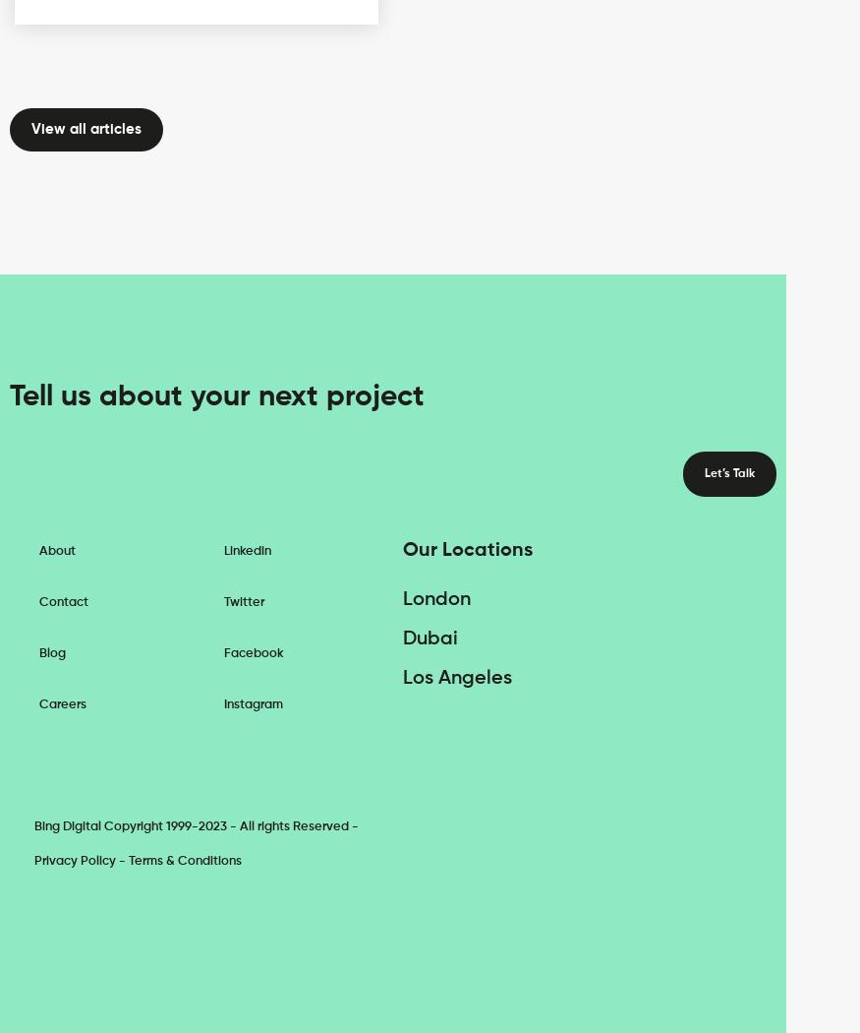  What do you see at coordinates (86, 127) in the screenshot?
I see `'View all articles'` at bounding box center [86, 127].